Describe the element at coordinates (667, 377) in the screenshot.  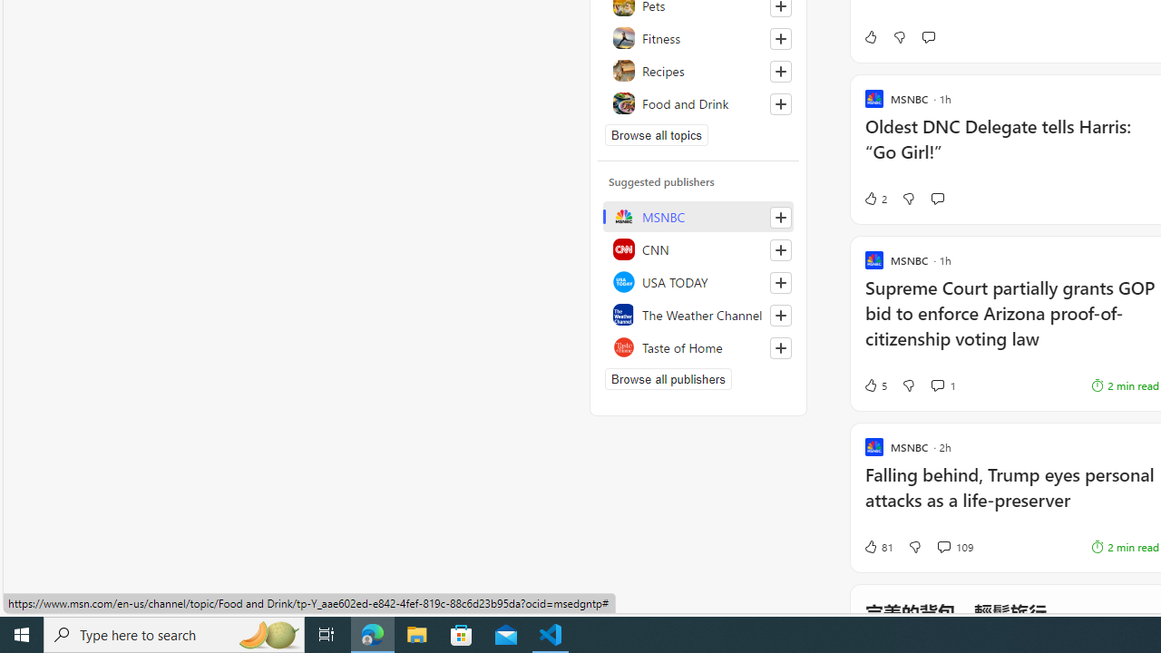
I see `'Browse all publishers'` at that location.